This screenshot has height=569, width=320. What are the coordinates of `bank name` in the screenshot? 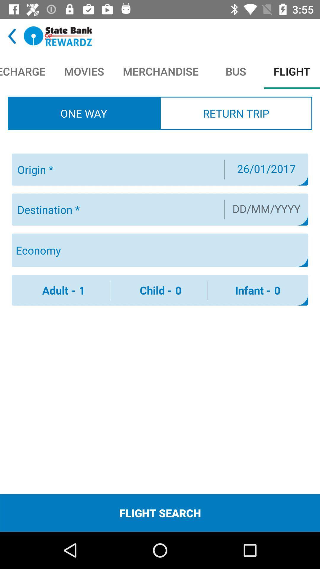 It's located at (58, 36).